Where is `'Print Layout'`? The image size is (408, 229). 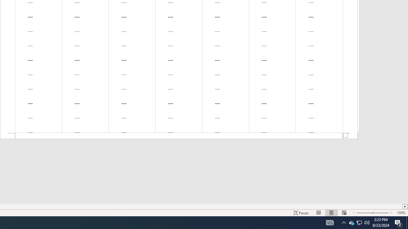 'Print Layout' is located at coordinates (331, 213).